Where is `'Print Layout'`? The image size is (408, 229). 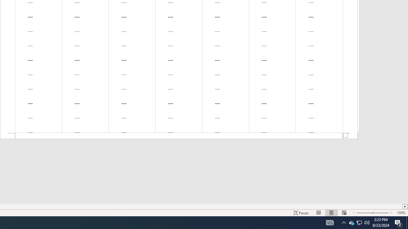 'Print Layout' is located at coordinates (331, 213).